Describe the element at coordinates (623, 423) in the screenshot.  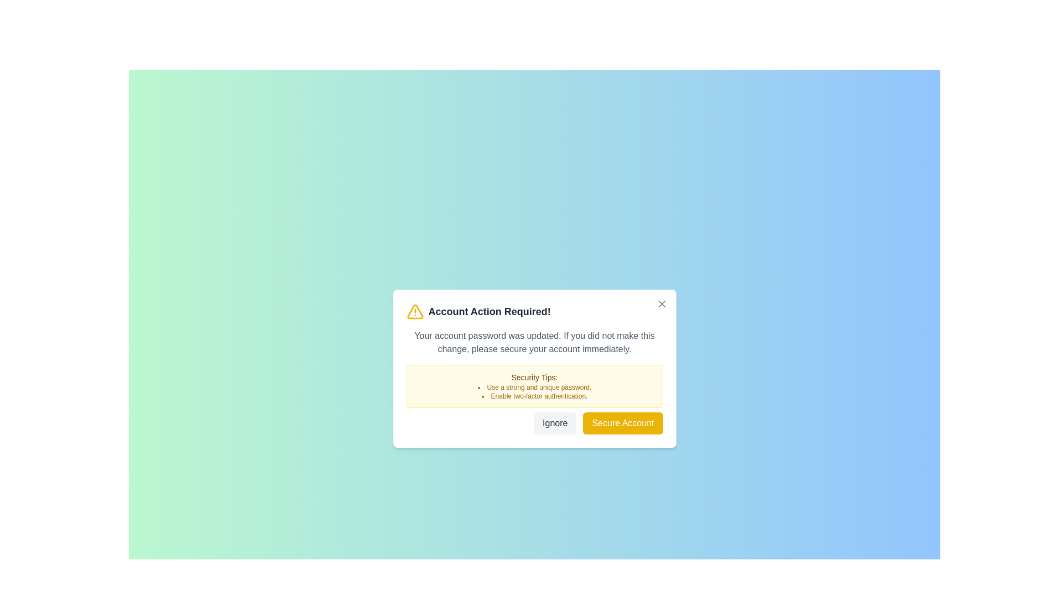
I see `the 'Secure Account' button` at that location.